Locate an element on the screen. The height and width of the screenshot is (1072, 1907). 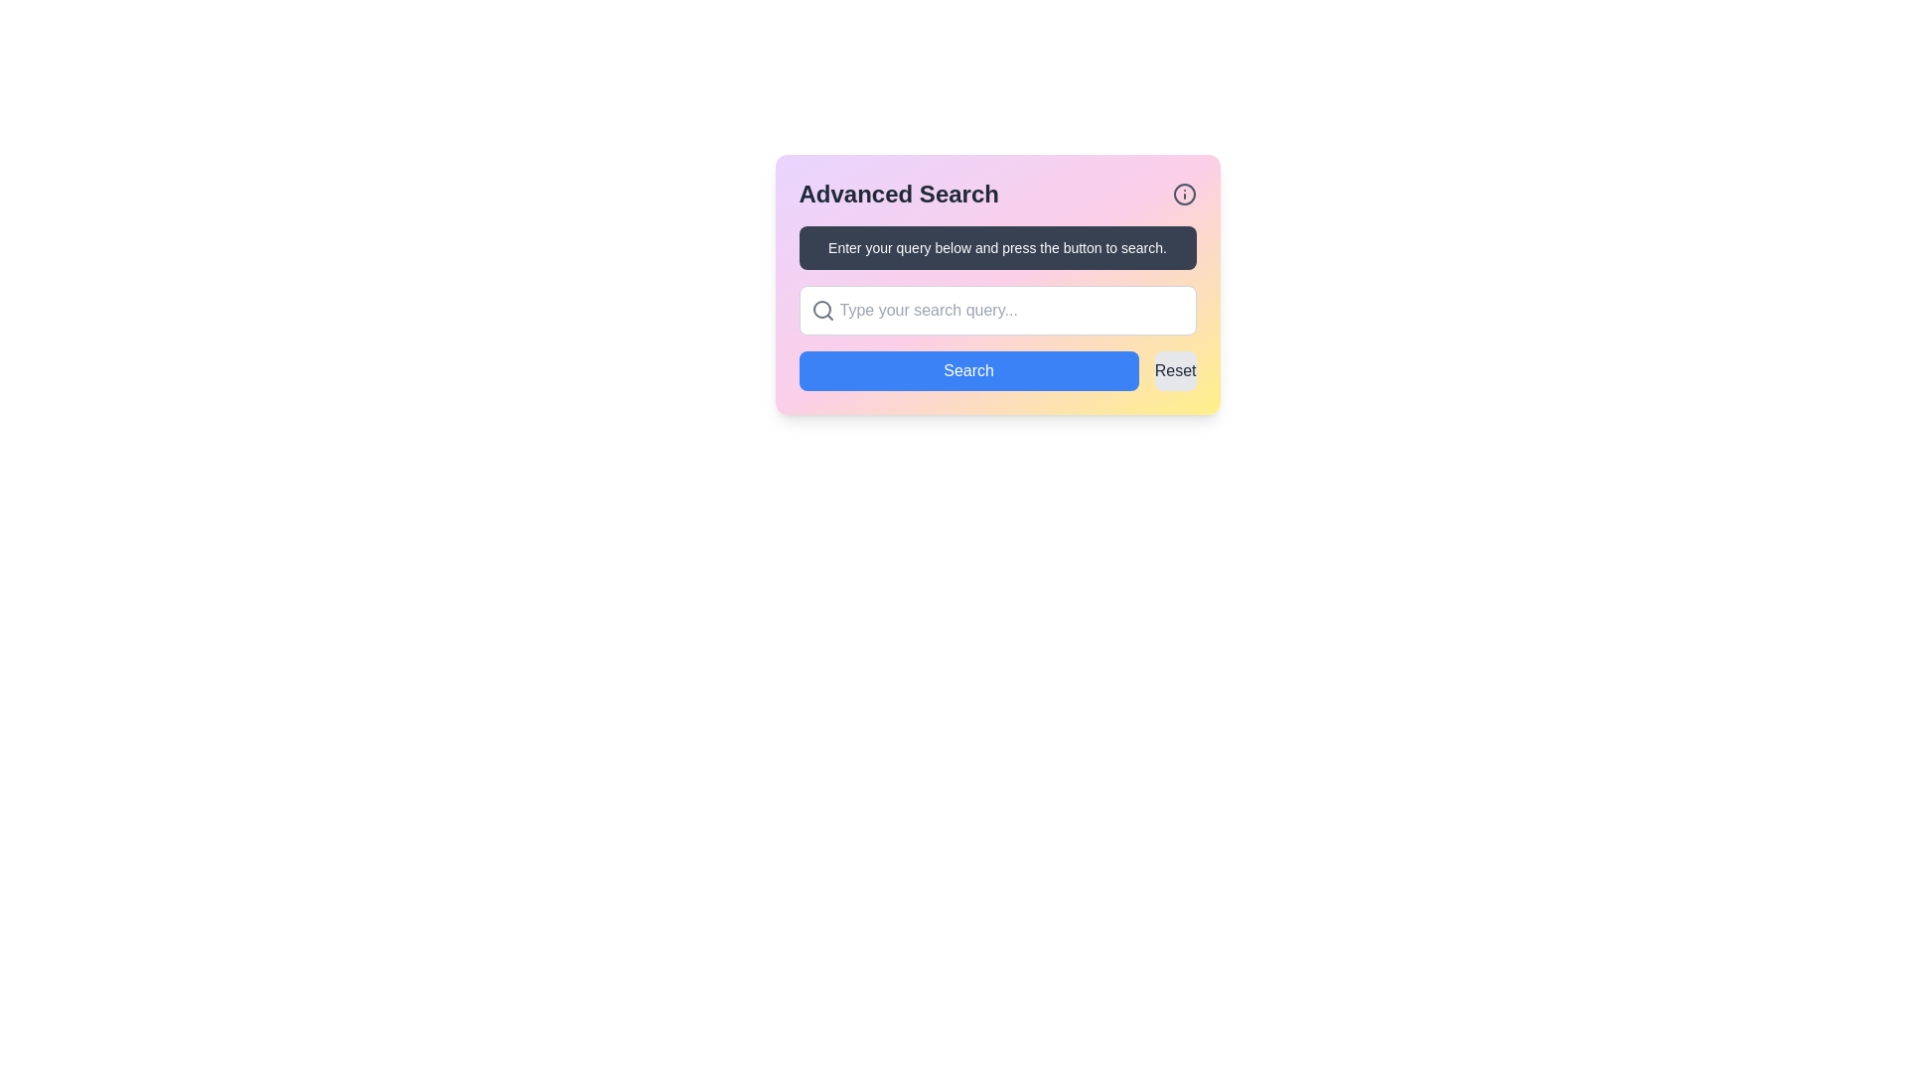
the 'Search' button with a blue background and white text located in the 'Advanced Search' dialog is located at coordinates (968, 371).